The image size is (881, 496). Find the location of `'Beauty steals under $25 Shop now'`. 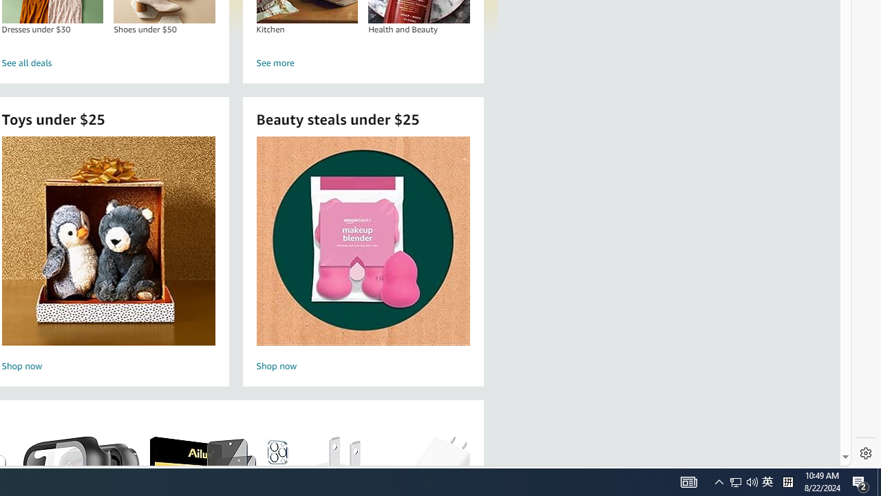

'Beauty steals under $25 Shop now' is located at coordinates (363, 240).